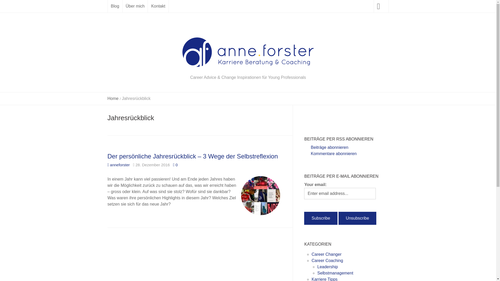 The width and height of the screenshot is (500, 281). I want to click on 'Career Changer', so click(326, 254).